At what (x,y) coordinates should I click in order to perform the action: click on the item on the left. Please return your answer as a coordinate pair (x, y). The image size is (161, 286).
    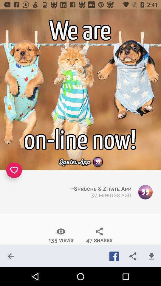
    Looking at the image, I should click on (14, 170).